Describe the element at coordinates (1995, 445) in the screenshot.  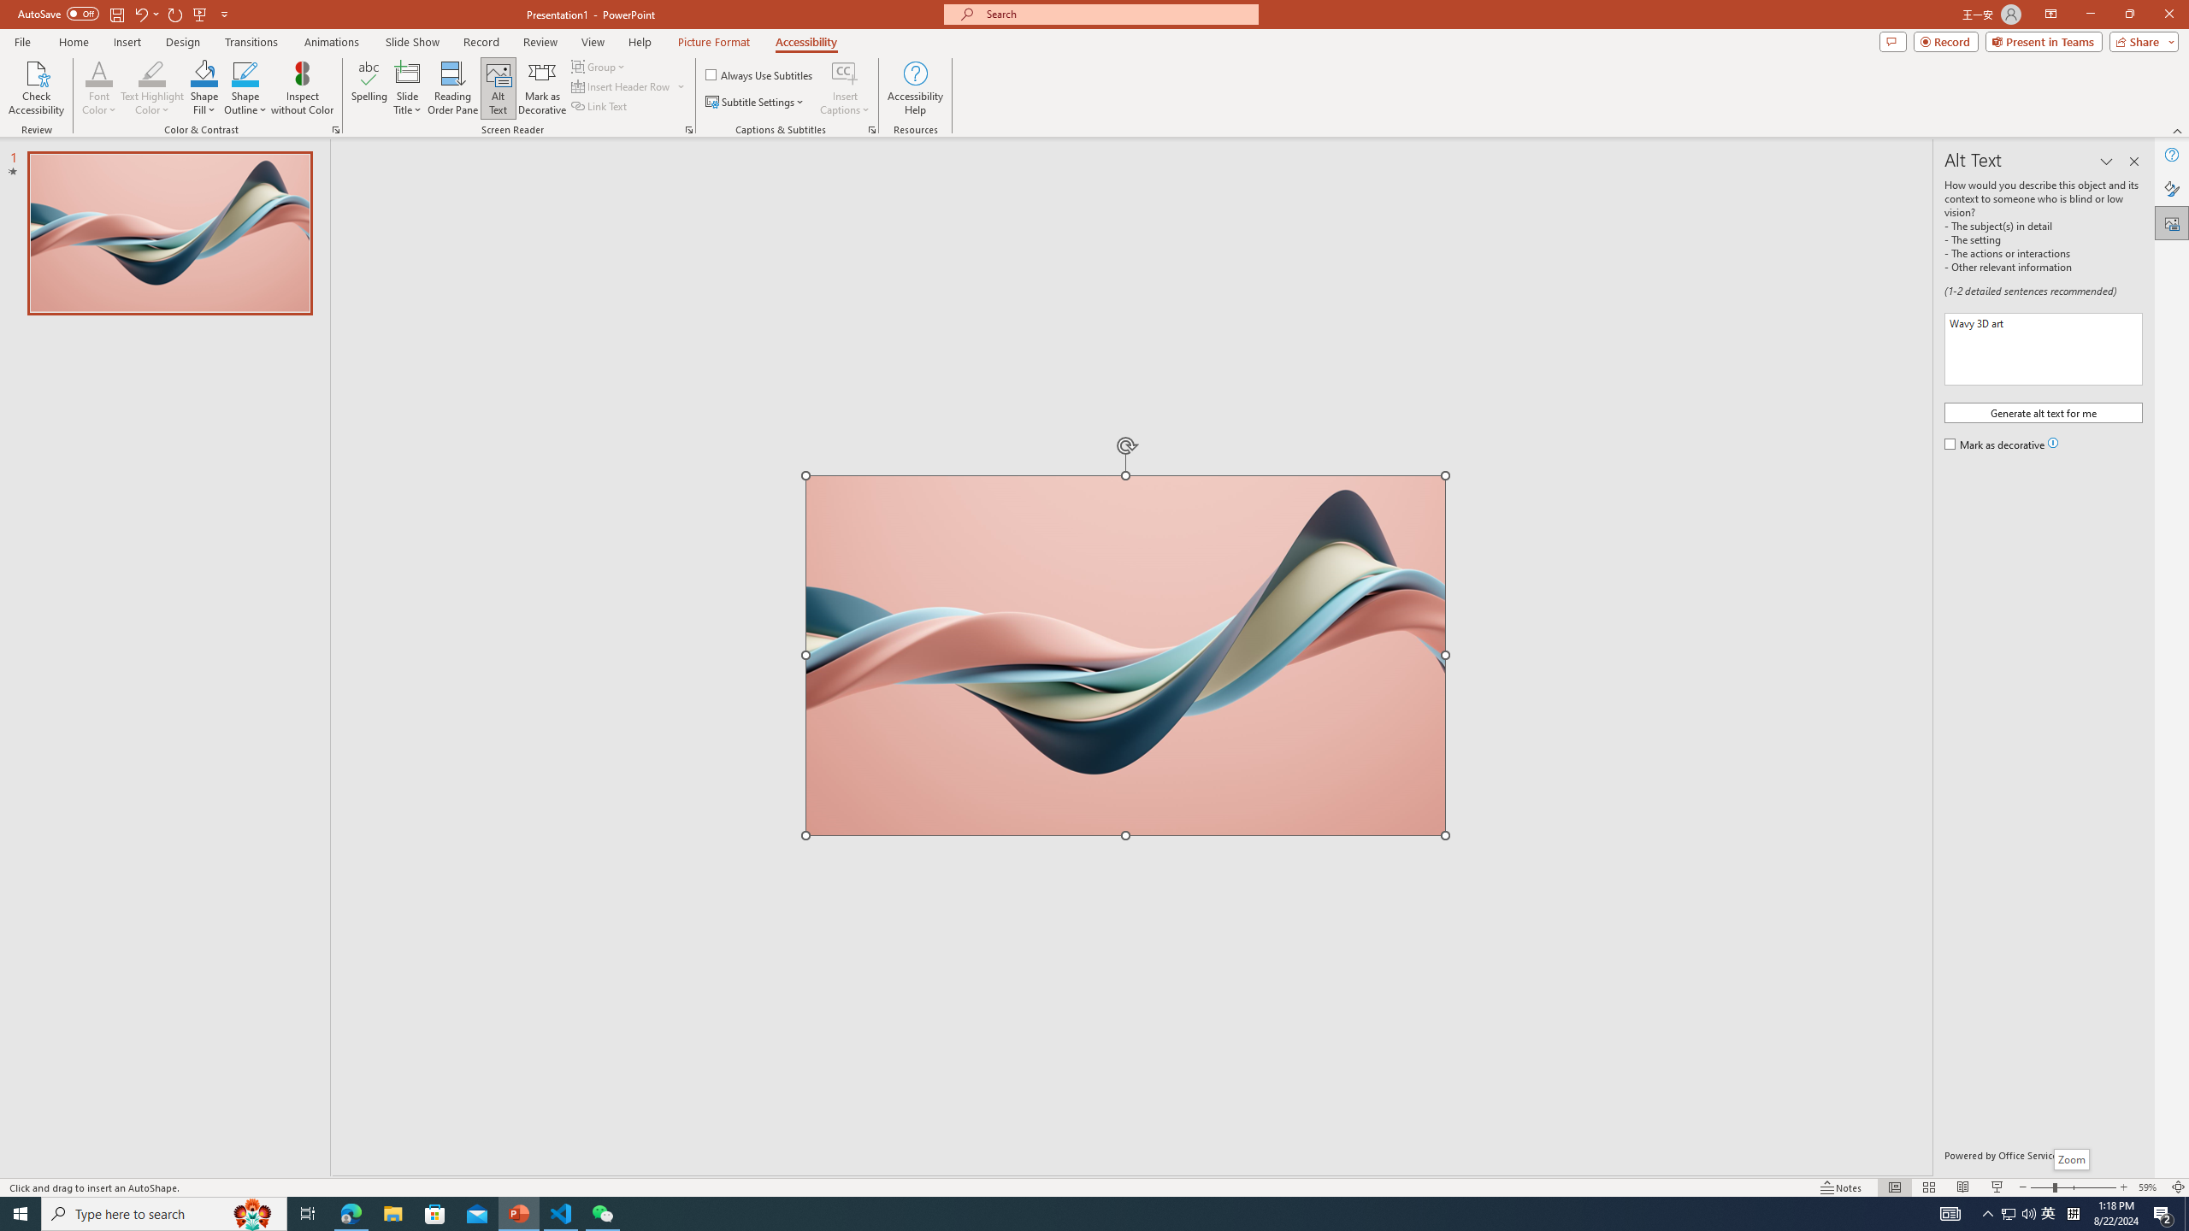
I see `'Mark as decorative'` at that location.